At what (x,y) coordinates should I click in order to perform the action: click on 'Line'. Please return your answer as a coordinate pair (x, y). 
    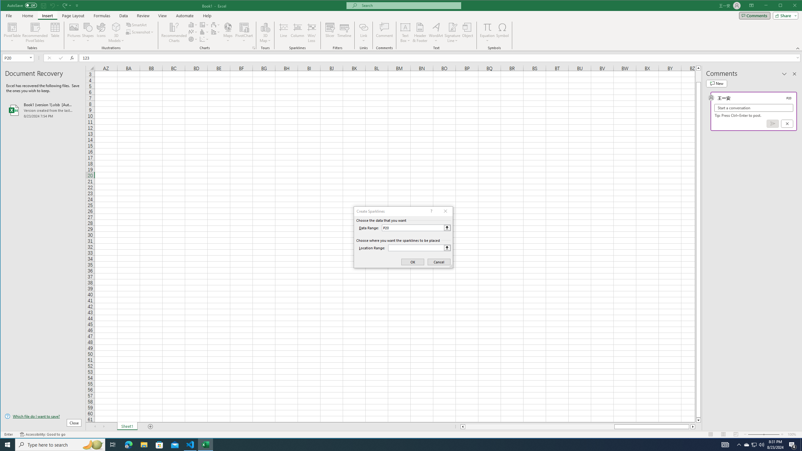
    Looking at the image, I should click on (283, 32).